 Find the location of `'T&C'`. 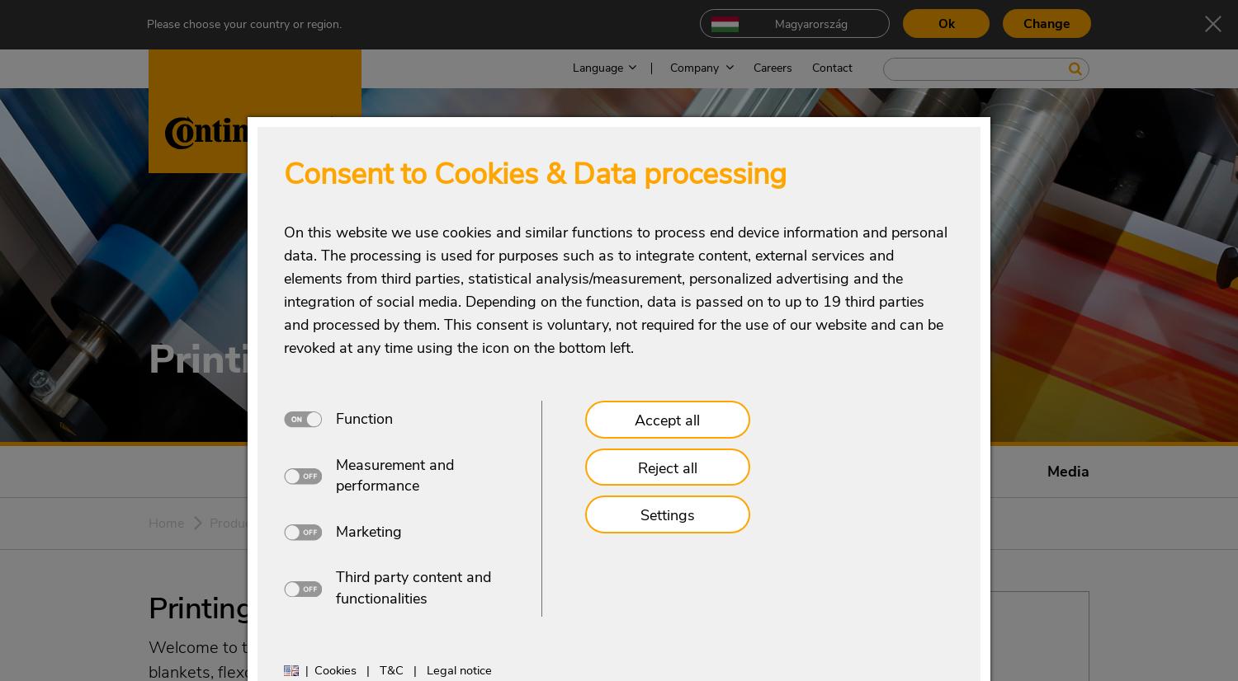

'T&C' is located at coordinates (390, 669).